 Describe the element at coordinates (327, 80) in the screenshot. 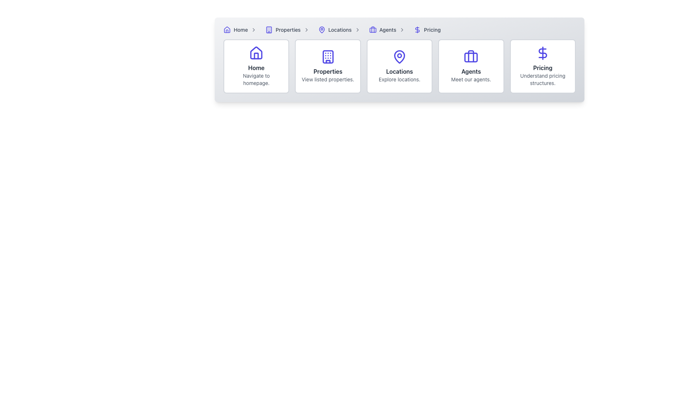

I see `the second line of static text in the 'Properties' card that provides additional information to users` at that location.